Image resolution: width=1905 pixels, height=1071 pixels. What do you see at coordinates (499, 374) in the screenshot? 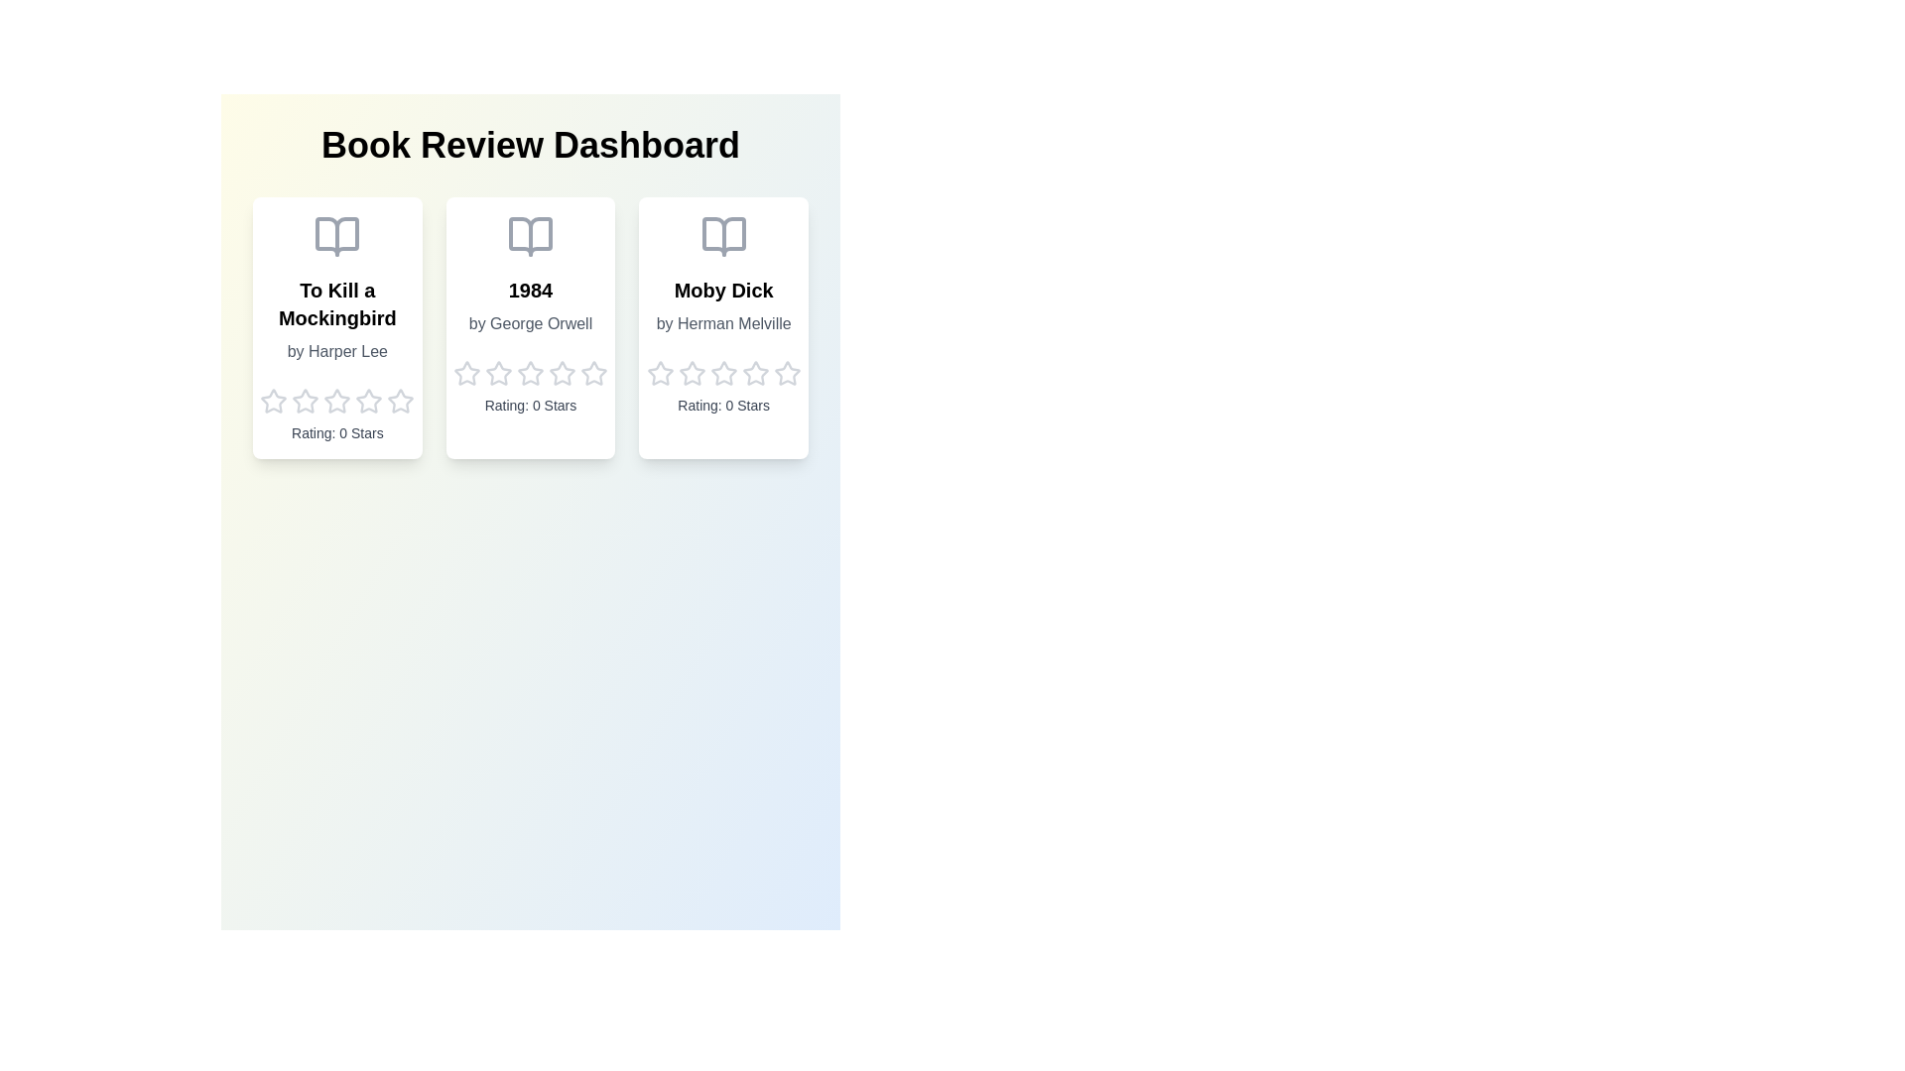
I see `the star icon corresponding to the rating 2 for the book 2` at bounding box center [499, 374].